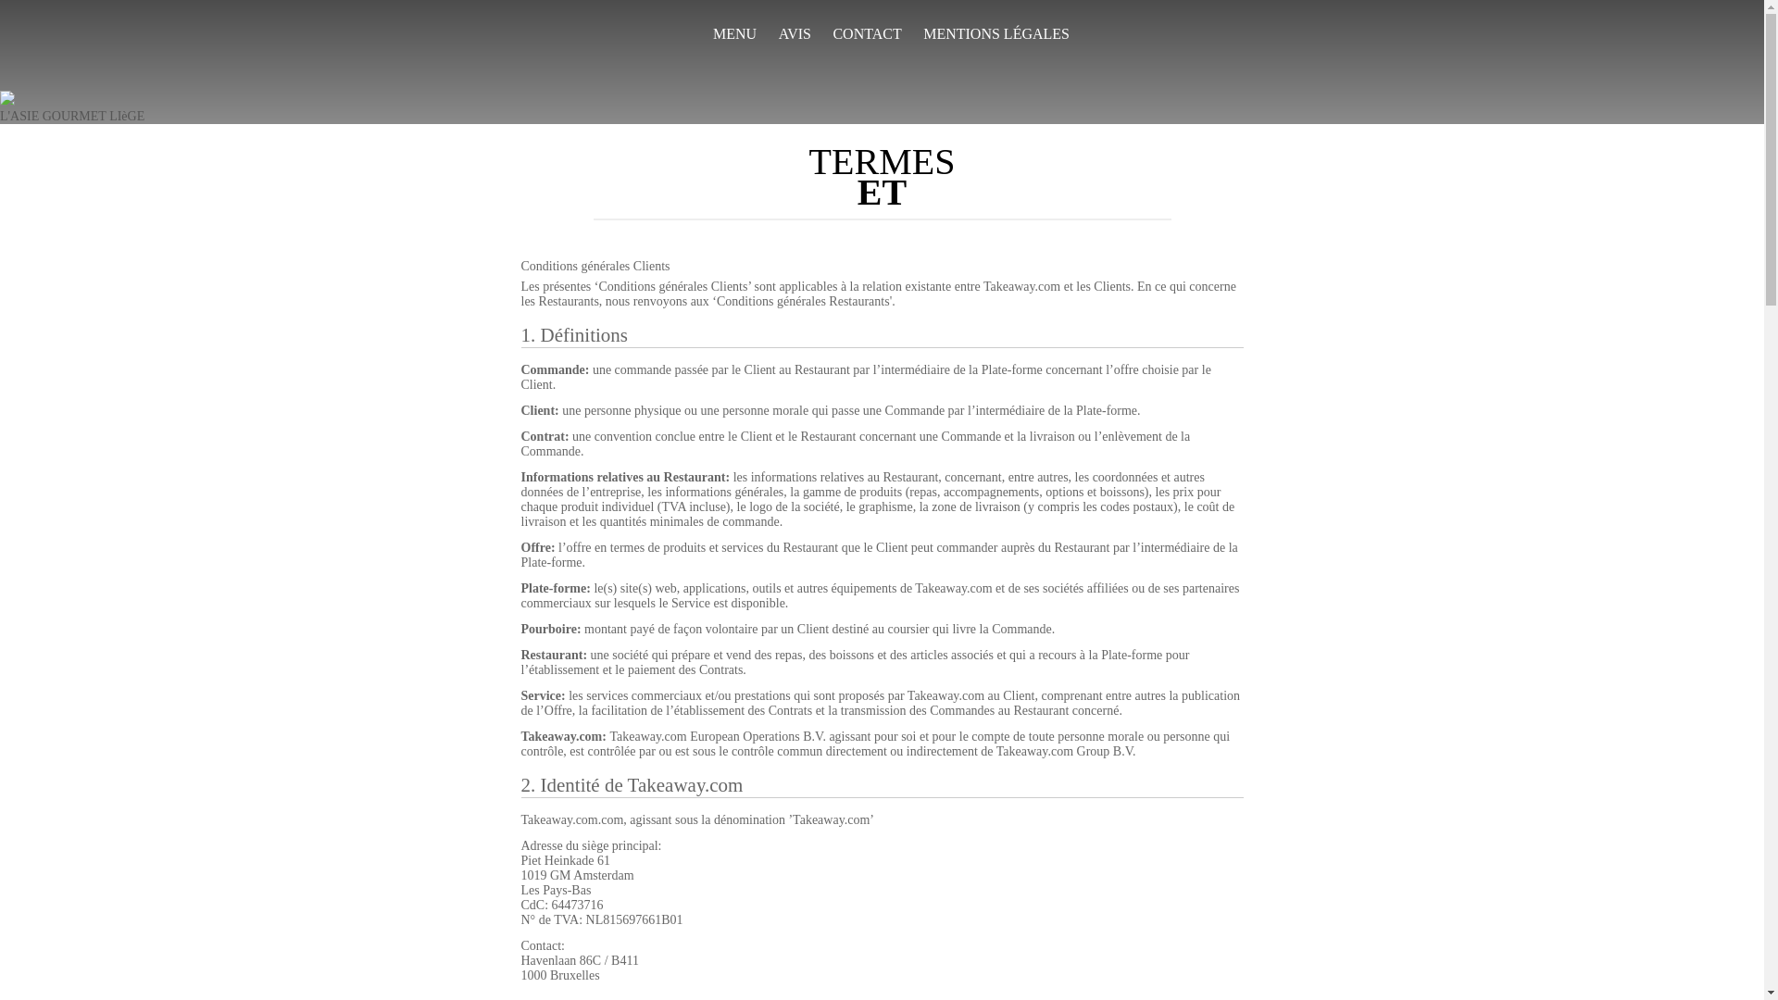 The height and width of the screenshot is (1000, 1778). Describe the element at coordinates (795, 34) in the screenshot. I see `'AVIS'` at that location.